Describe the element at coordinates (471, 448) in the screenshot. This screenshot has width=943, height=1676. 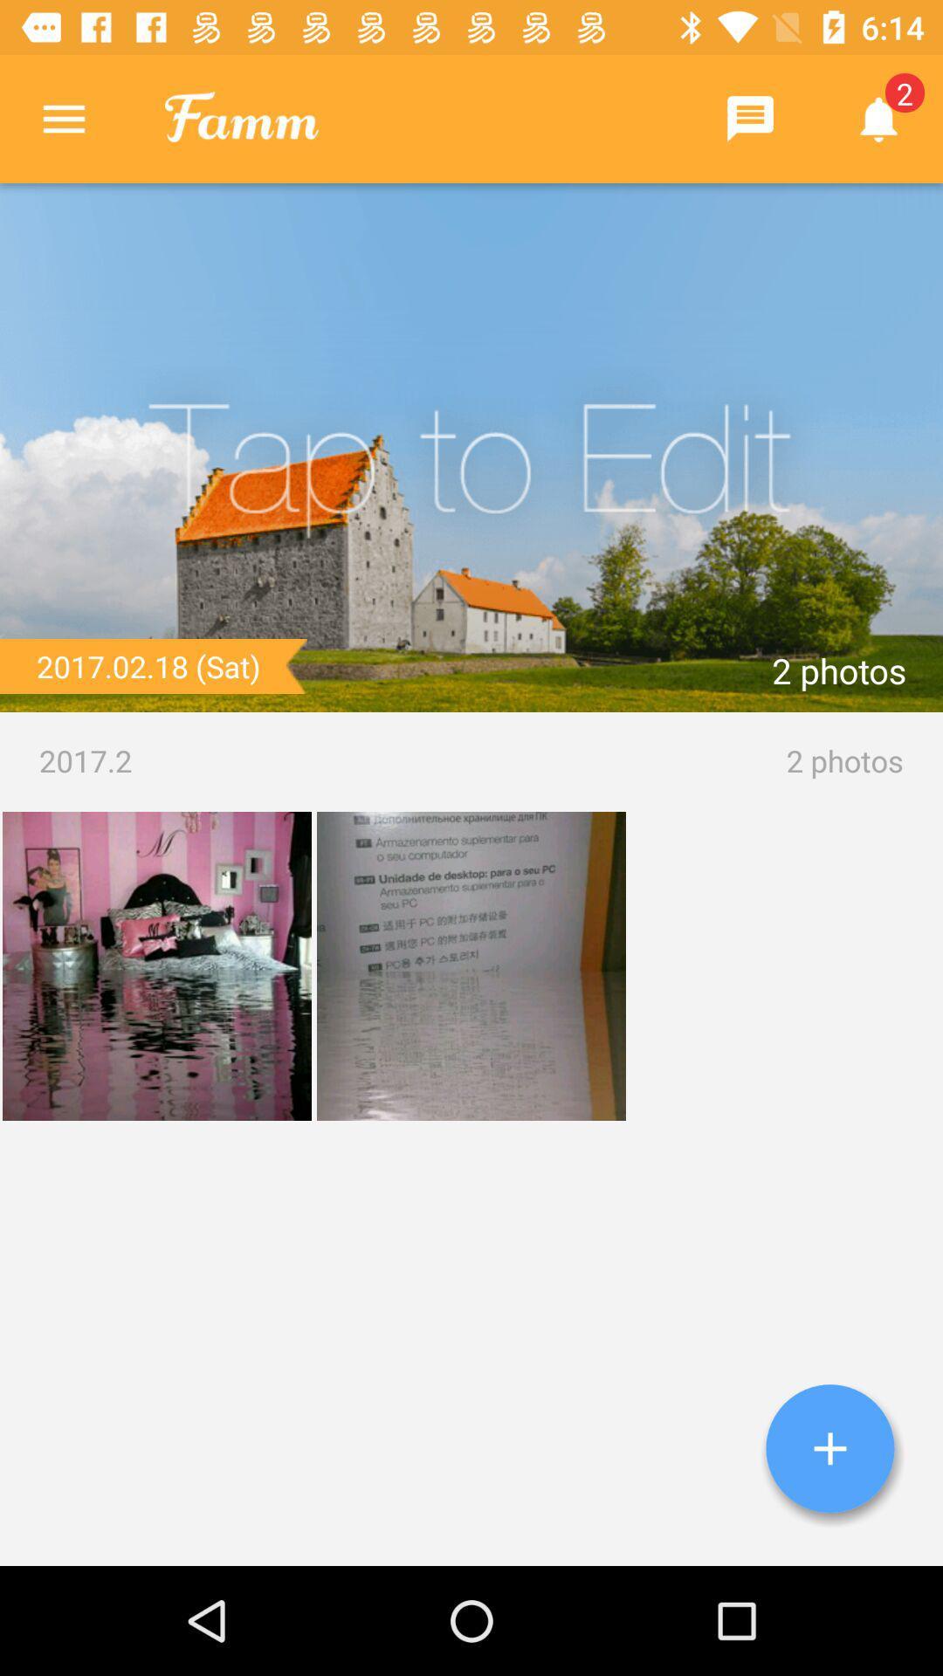
I see `edit picture` at that location.